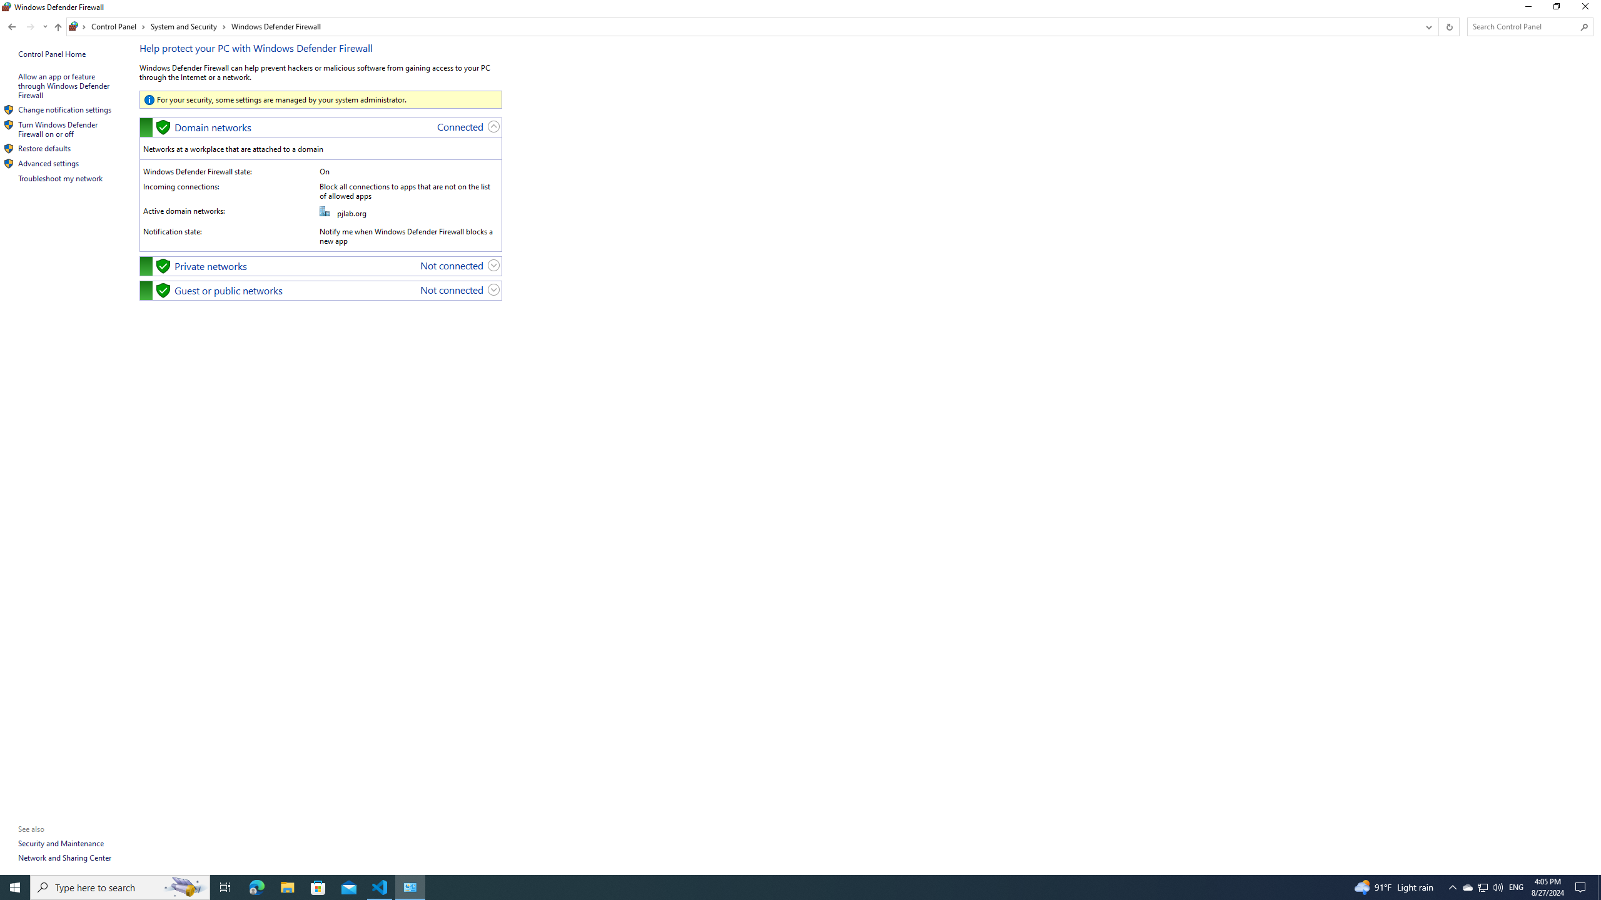 The image size is (1601, 900). Describe the element at coordinates (48, 162) in the screenshot. I see `'Advanced settings'` at that location.